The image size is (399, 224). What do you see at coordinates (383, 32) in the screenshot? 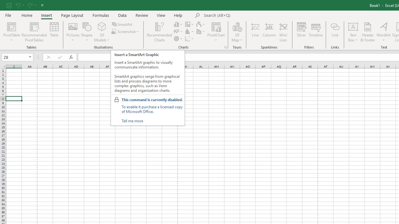
I see `'WordArt'` at bounding box center [383, 32].